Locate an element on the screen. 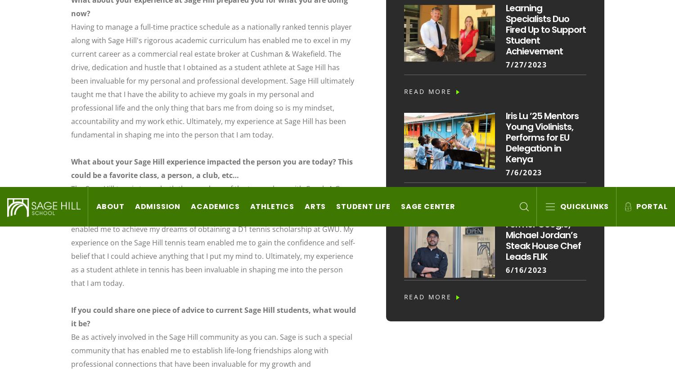 The width and height of the screenshot is (675, 369). 'Sage Hill School admits students of any race, color, national and ethnic origin to all the rights, privileges, programs and activities generally accorded or made available to students at the School. The School does not discriminate on the basis of race, color, national and ethnic origin in administration of its educational policies, admissions policies, scholarship programs, and athletic and other School administered programs.' is located at coordinates (71, 127).